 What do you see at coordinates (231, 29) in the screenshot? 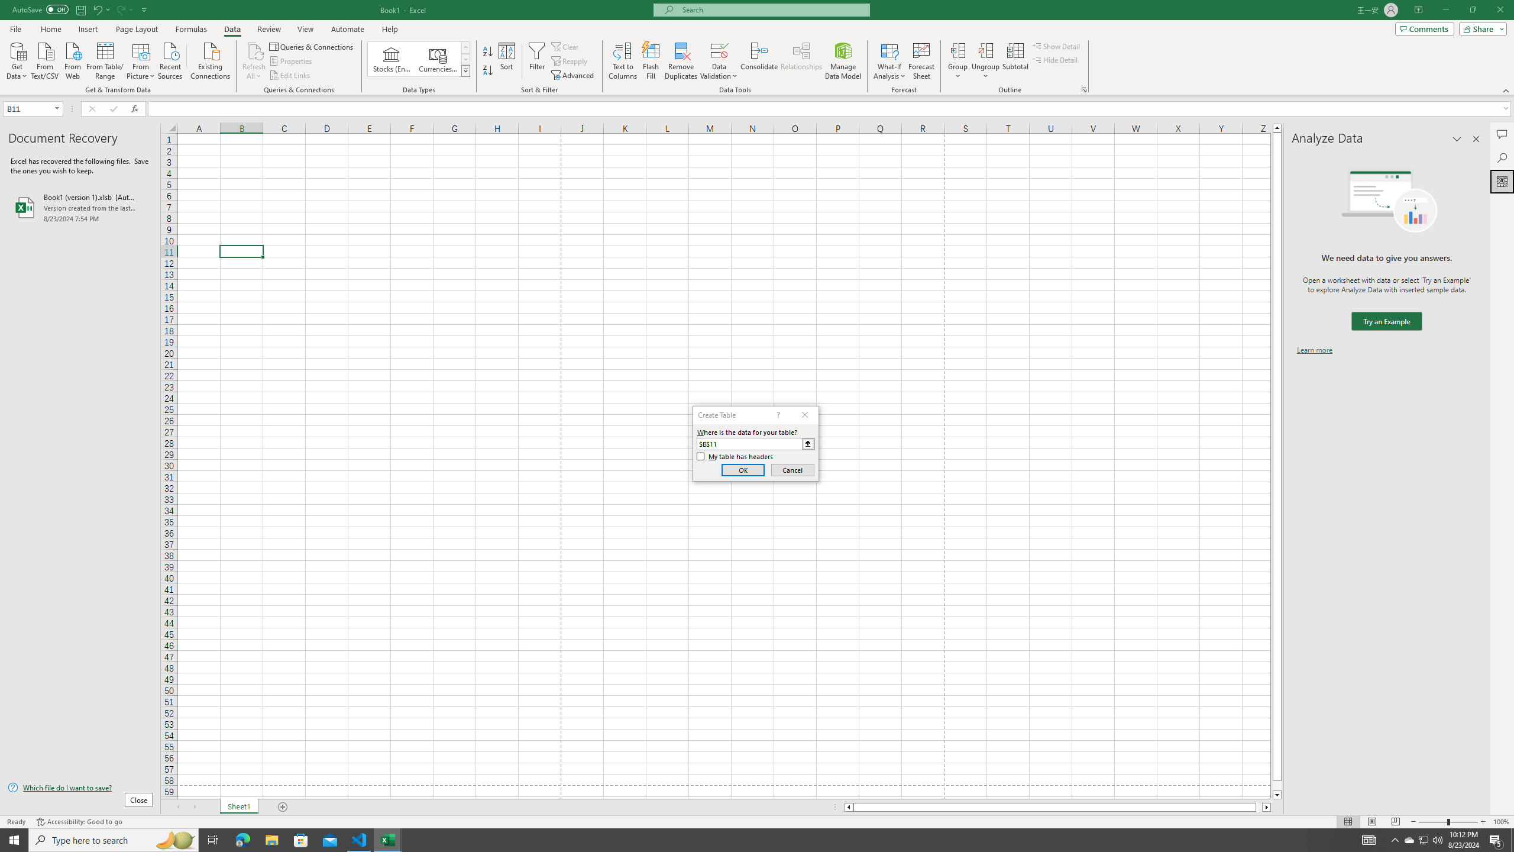
I see `'Data'` at bounding box center [231, 29].